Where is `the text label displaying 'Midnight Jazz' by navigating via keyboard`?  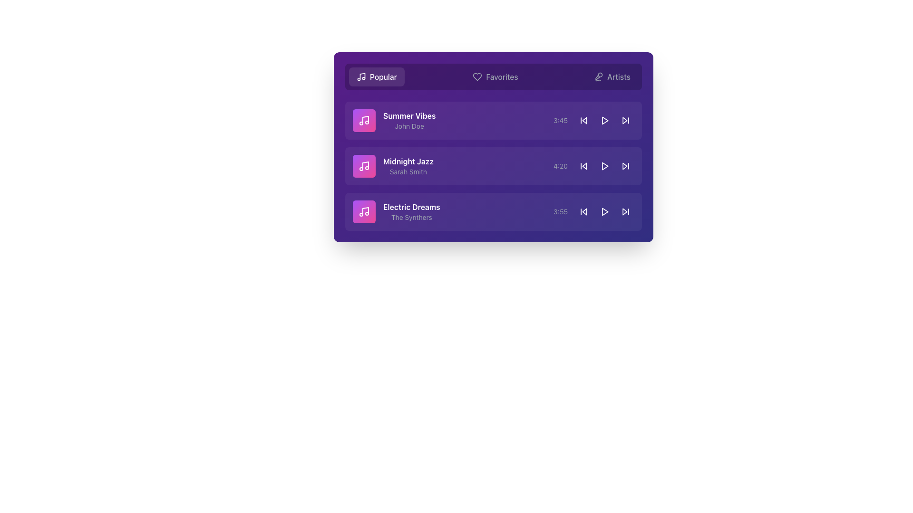
the text label displaying 'Midnight Jazz' by navigating via keyboard is located at coordinates (408, 161).